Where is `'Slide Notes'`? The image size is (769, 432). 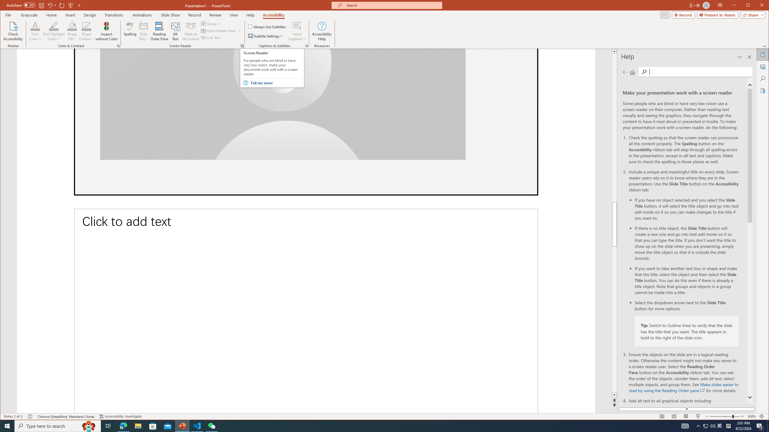
'Slide Notes' is located at coordinates (306, 310).